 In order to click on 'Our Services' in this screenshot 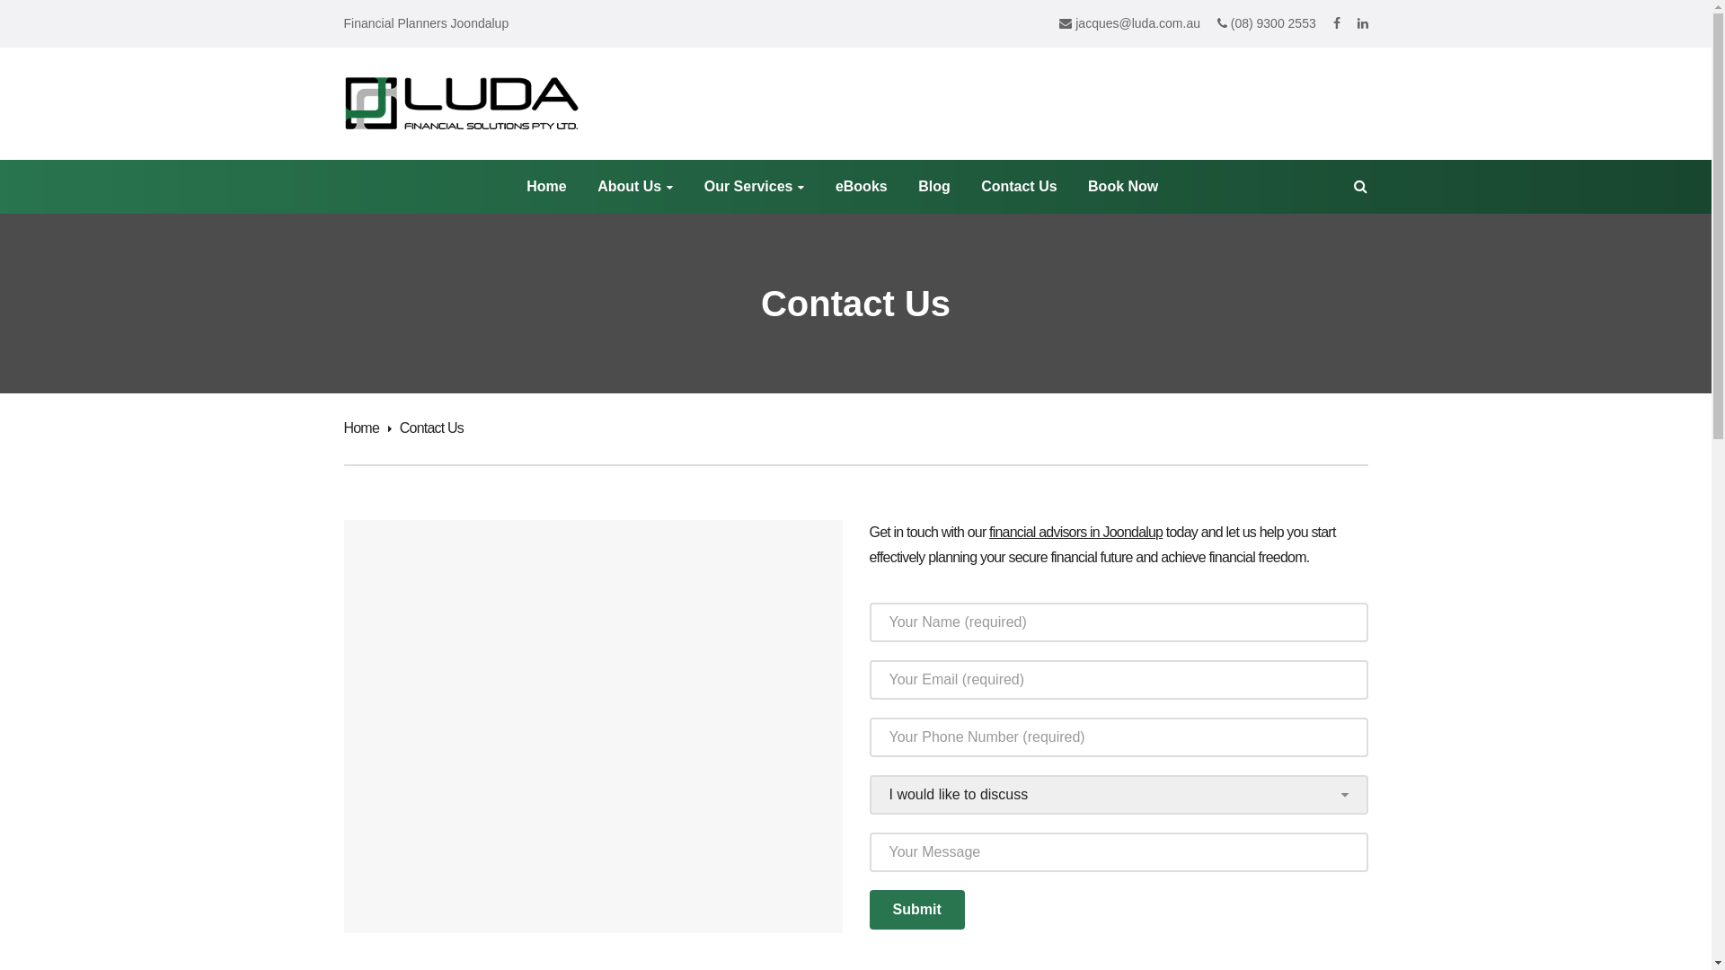, I will do `click(755, 187)`.